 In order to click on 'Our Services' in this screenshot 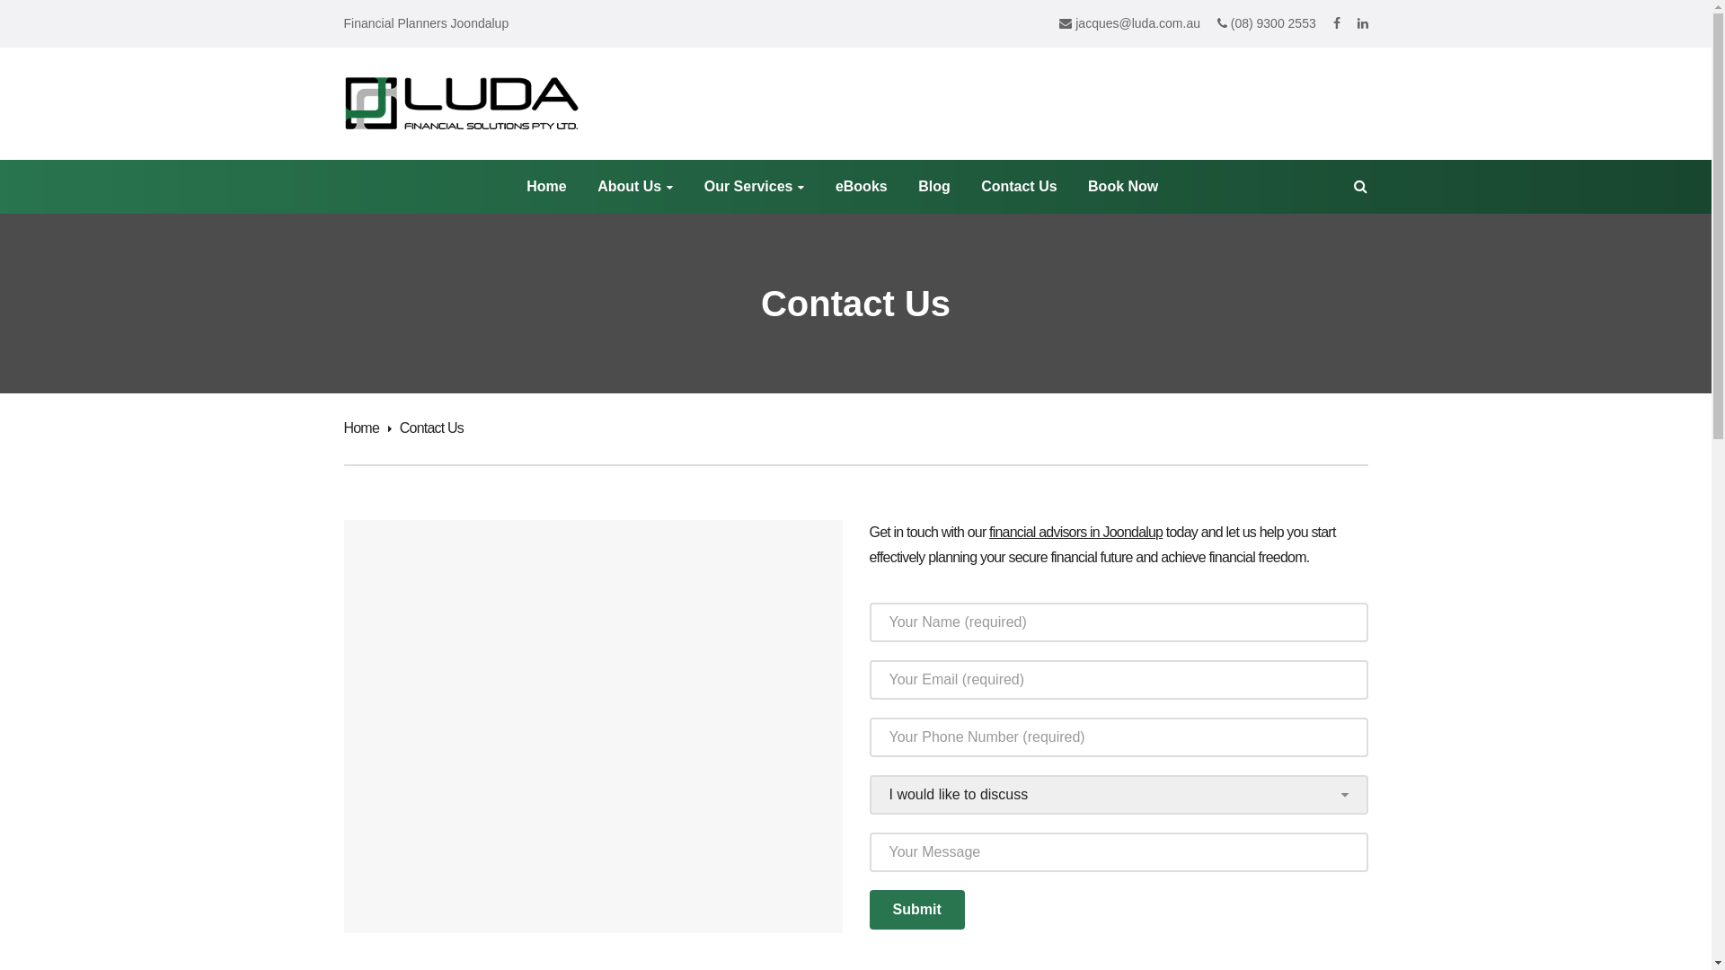, I will do `click(755, 187)`.